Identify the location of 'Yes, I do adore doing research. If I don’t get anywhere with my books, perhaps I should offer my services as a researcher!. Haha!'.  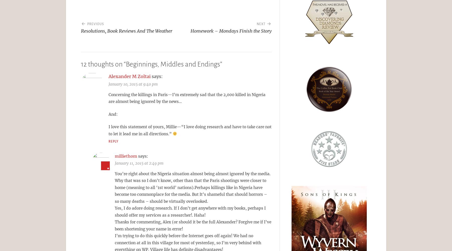
(190, 211).